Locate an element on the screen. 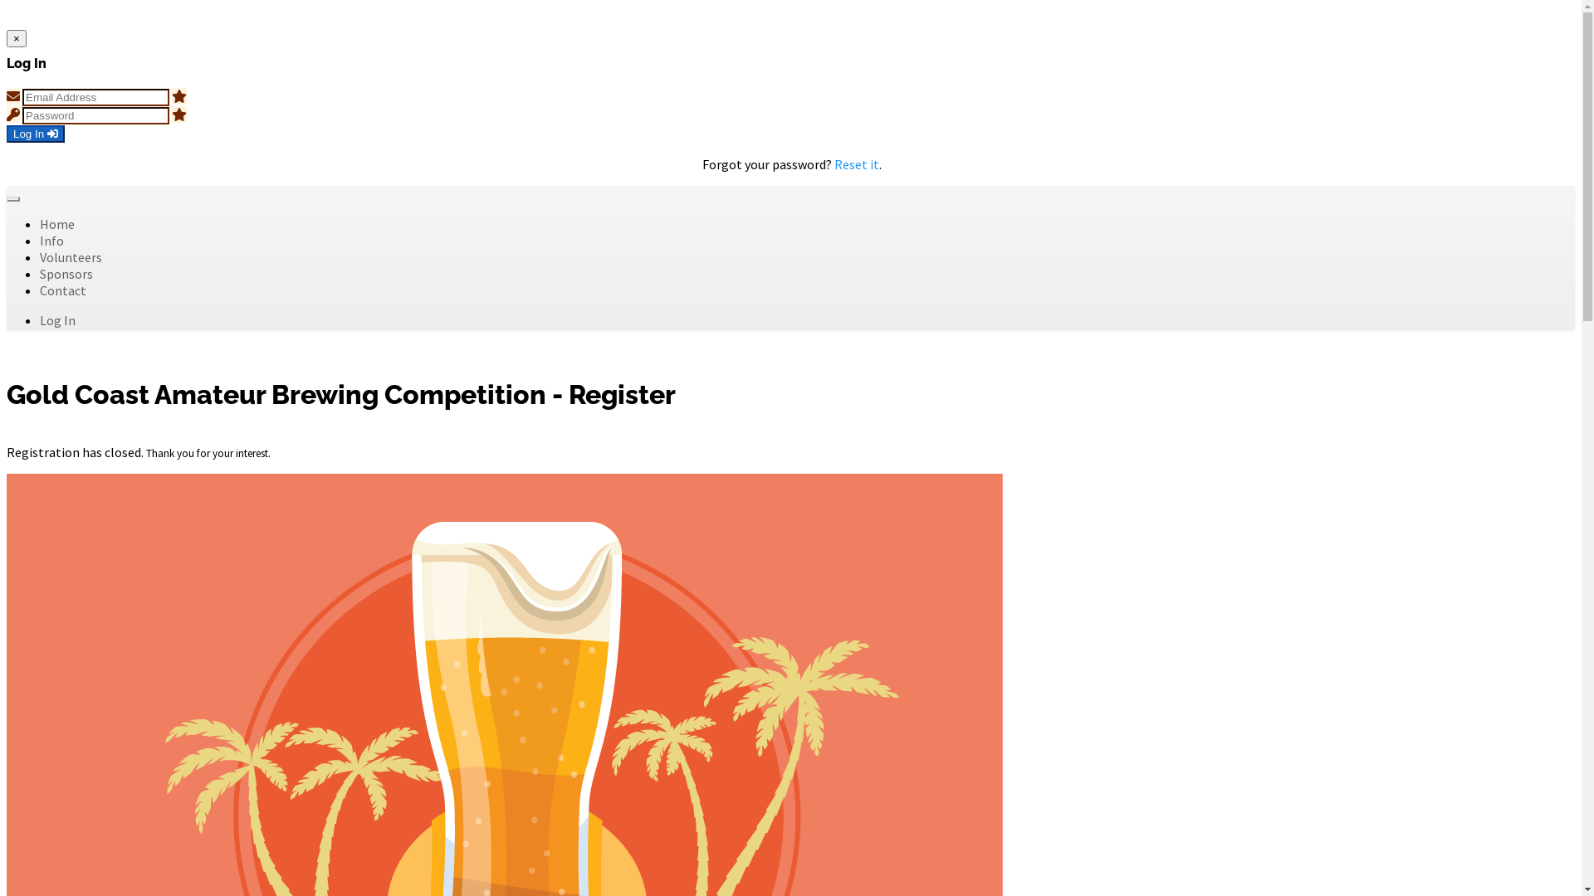 The image size is (1594, 896). 'Sponsors' is located at coordinates (66, 273).